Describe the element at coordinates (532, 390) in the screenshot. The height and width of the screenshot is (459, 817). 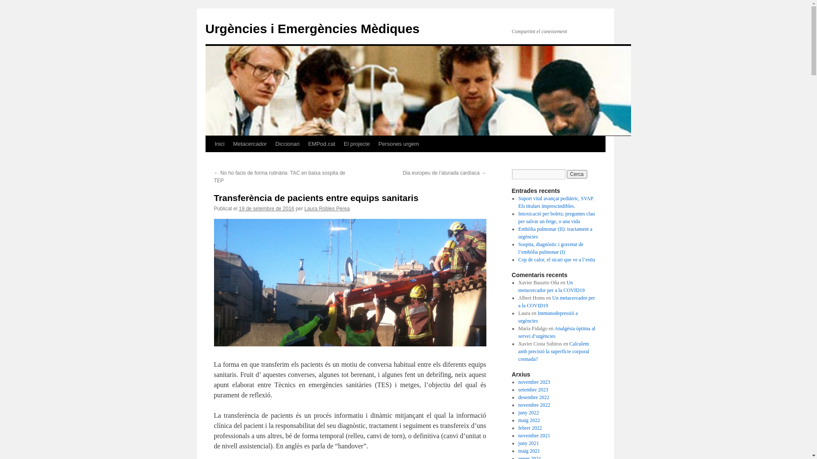
I see `'setembre 2023'` at that location.